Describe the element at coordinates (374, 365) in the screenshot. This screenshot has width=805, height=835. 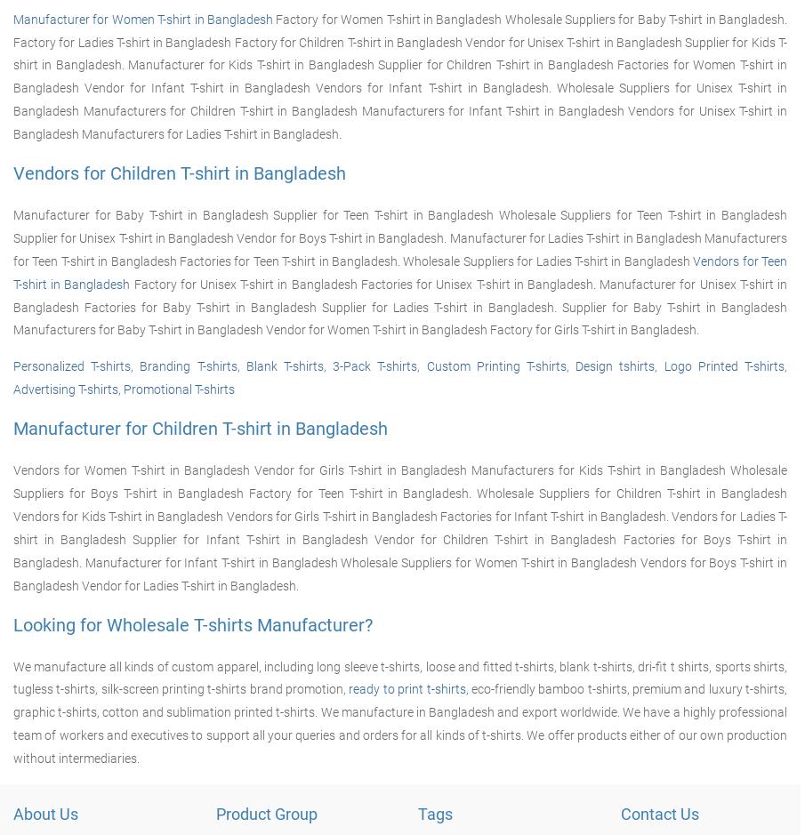
I see `'3-Pack T-shirts'` at that location.